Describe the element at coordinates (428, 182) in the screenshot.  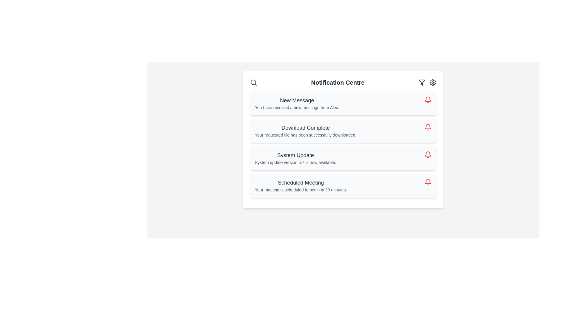
I see `the notification icon indicating a 'Scheduled Meeting'` at that location.